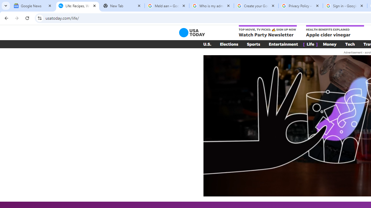  Describe the element at coordinates (310, 44) in the screenshot. I see `'[ Life ]'` at that location.